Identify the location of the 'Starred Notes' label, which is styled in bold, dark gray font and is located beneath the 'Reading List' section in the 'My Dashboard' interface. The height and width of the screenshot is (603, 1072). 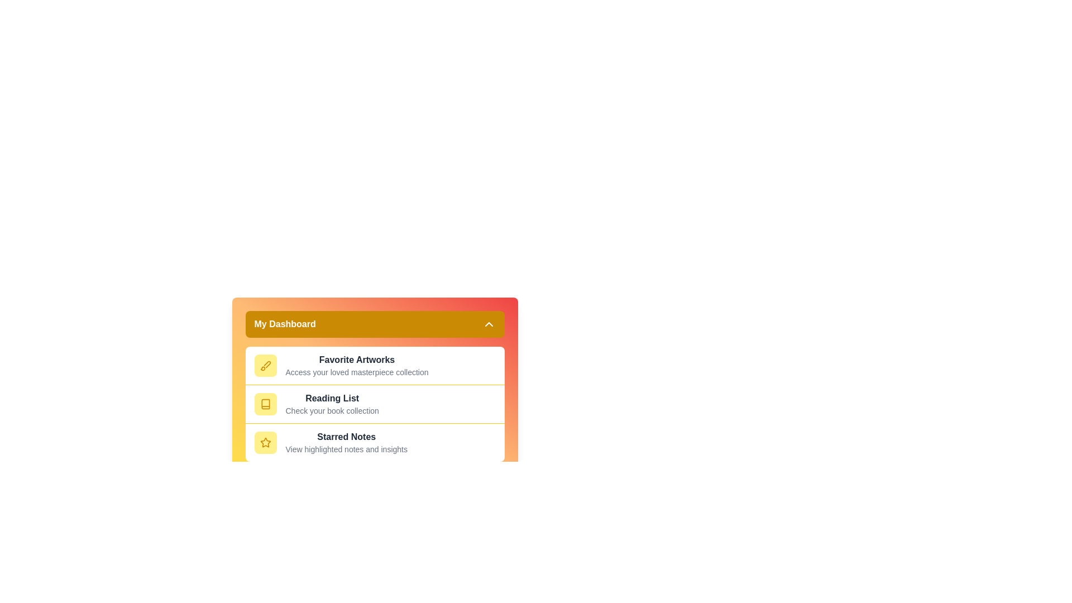
(346, 437).